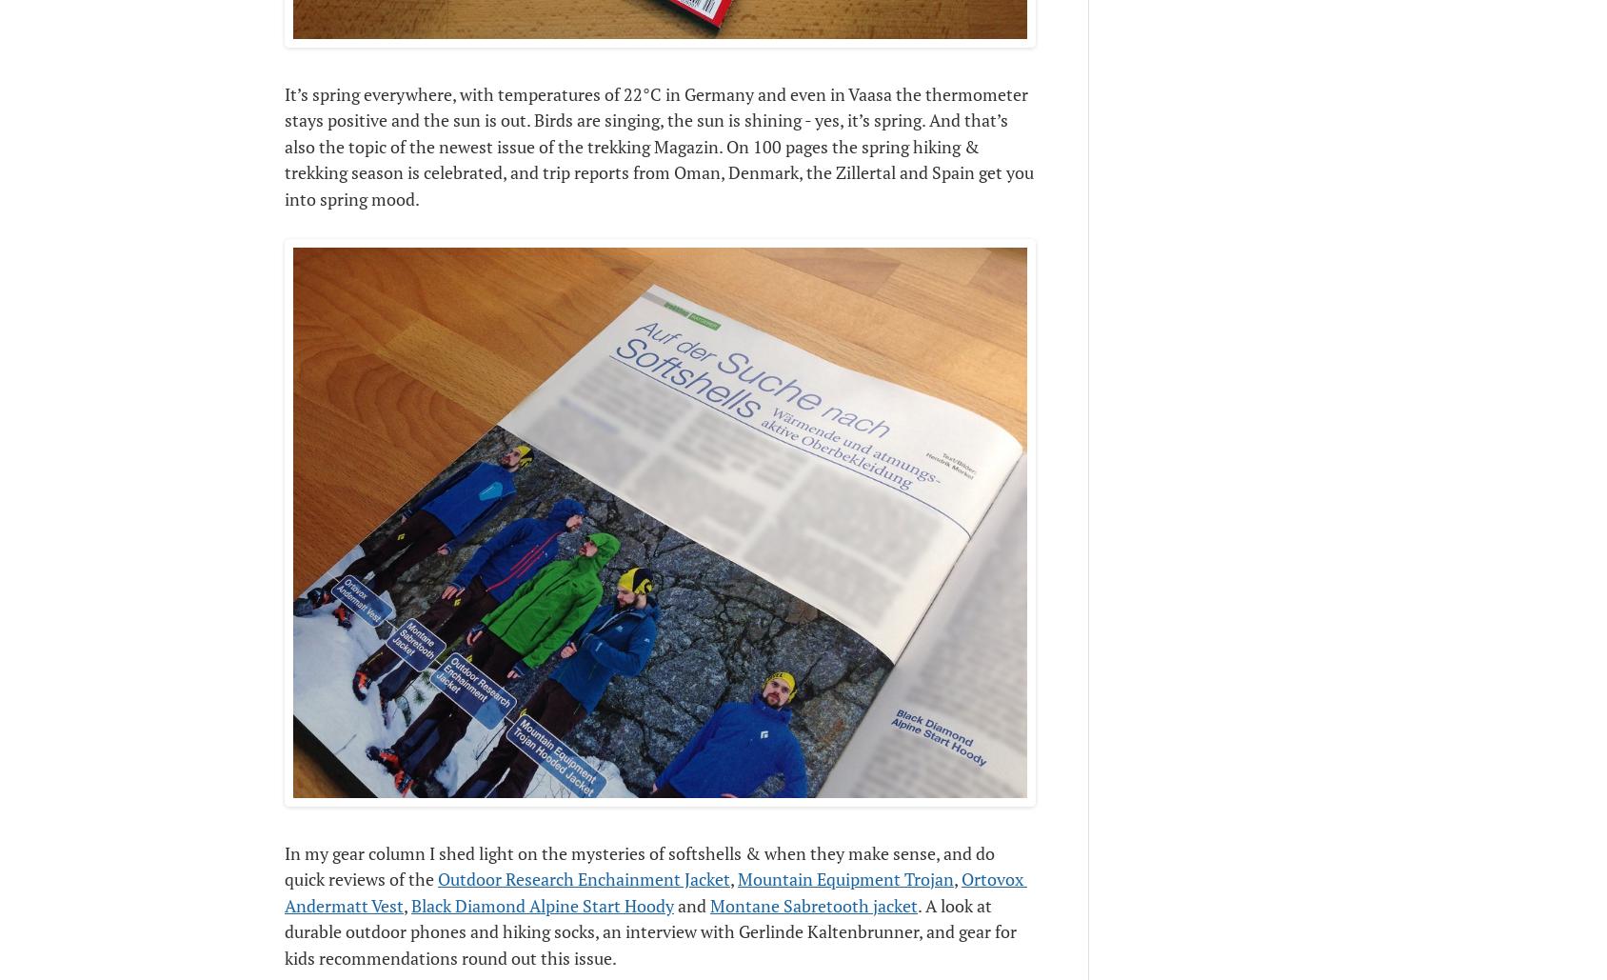  What do you see at coordinates (737, 879) in the screenshot?
I see `'Mountain Equipment Trojan'` at bounding box center [737, 879].